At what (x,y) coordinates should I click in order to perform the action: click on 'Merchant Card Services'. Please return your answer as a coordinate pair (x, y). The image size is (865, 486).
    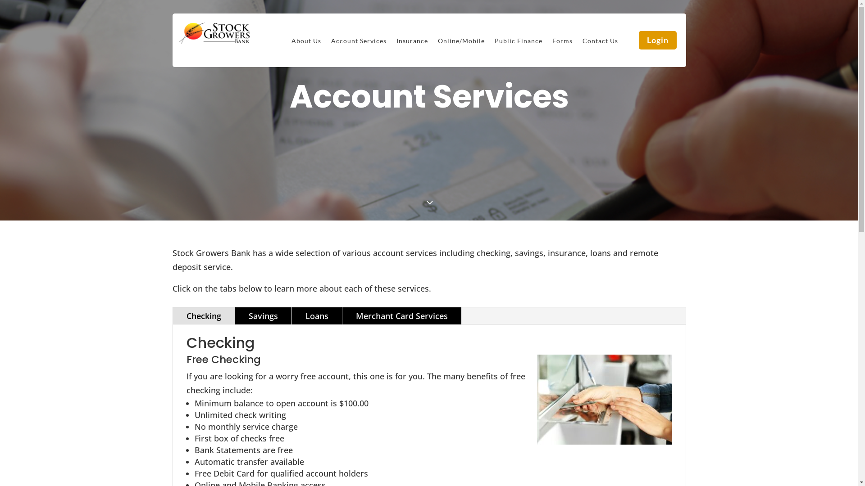
    Looking at the image, I should click on (401, 315).